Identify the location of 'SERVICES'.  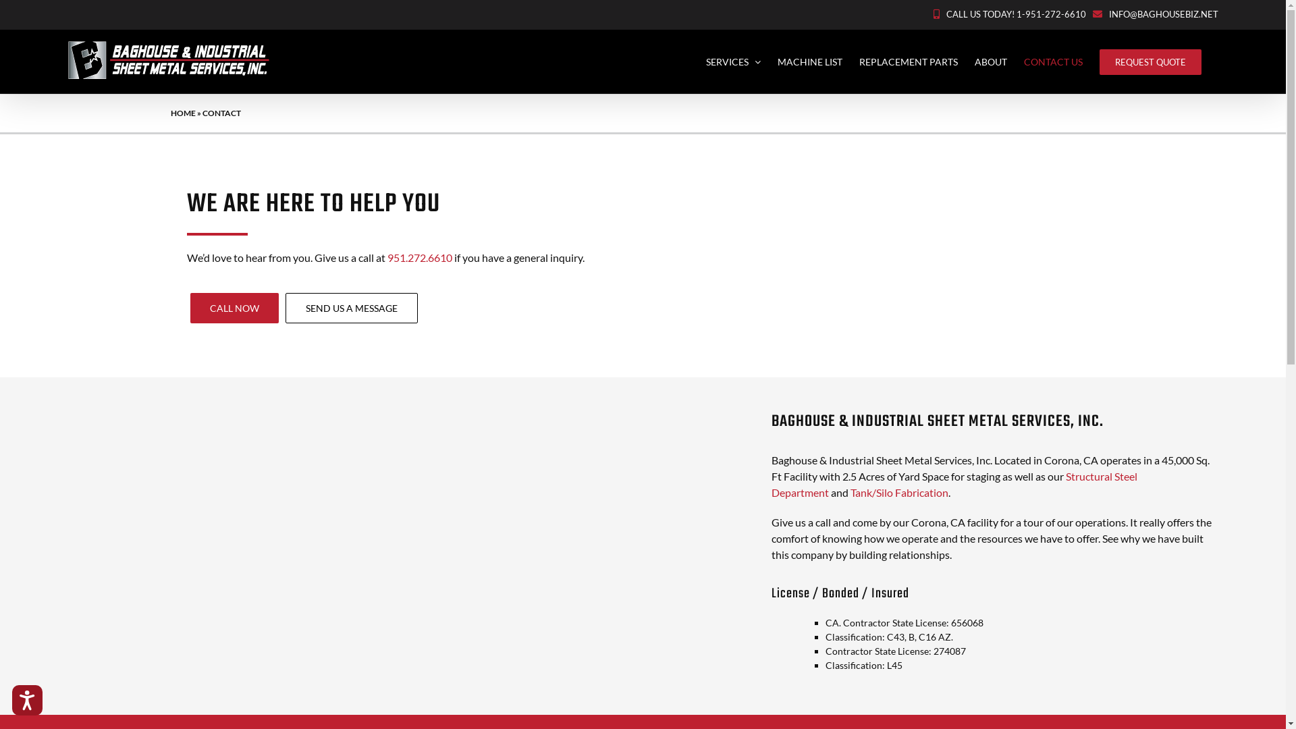
(732, 61).